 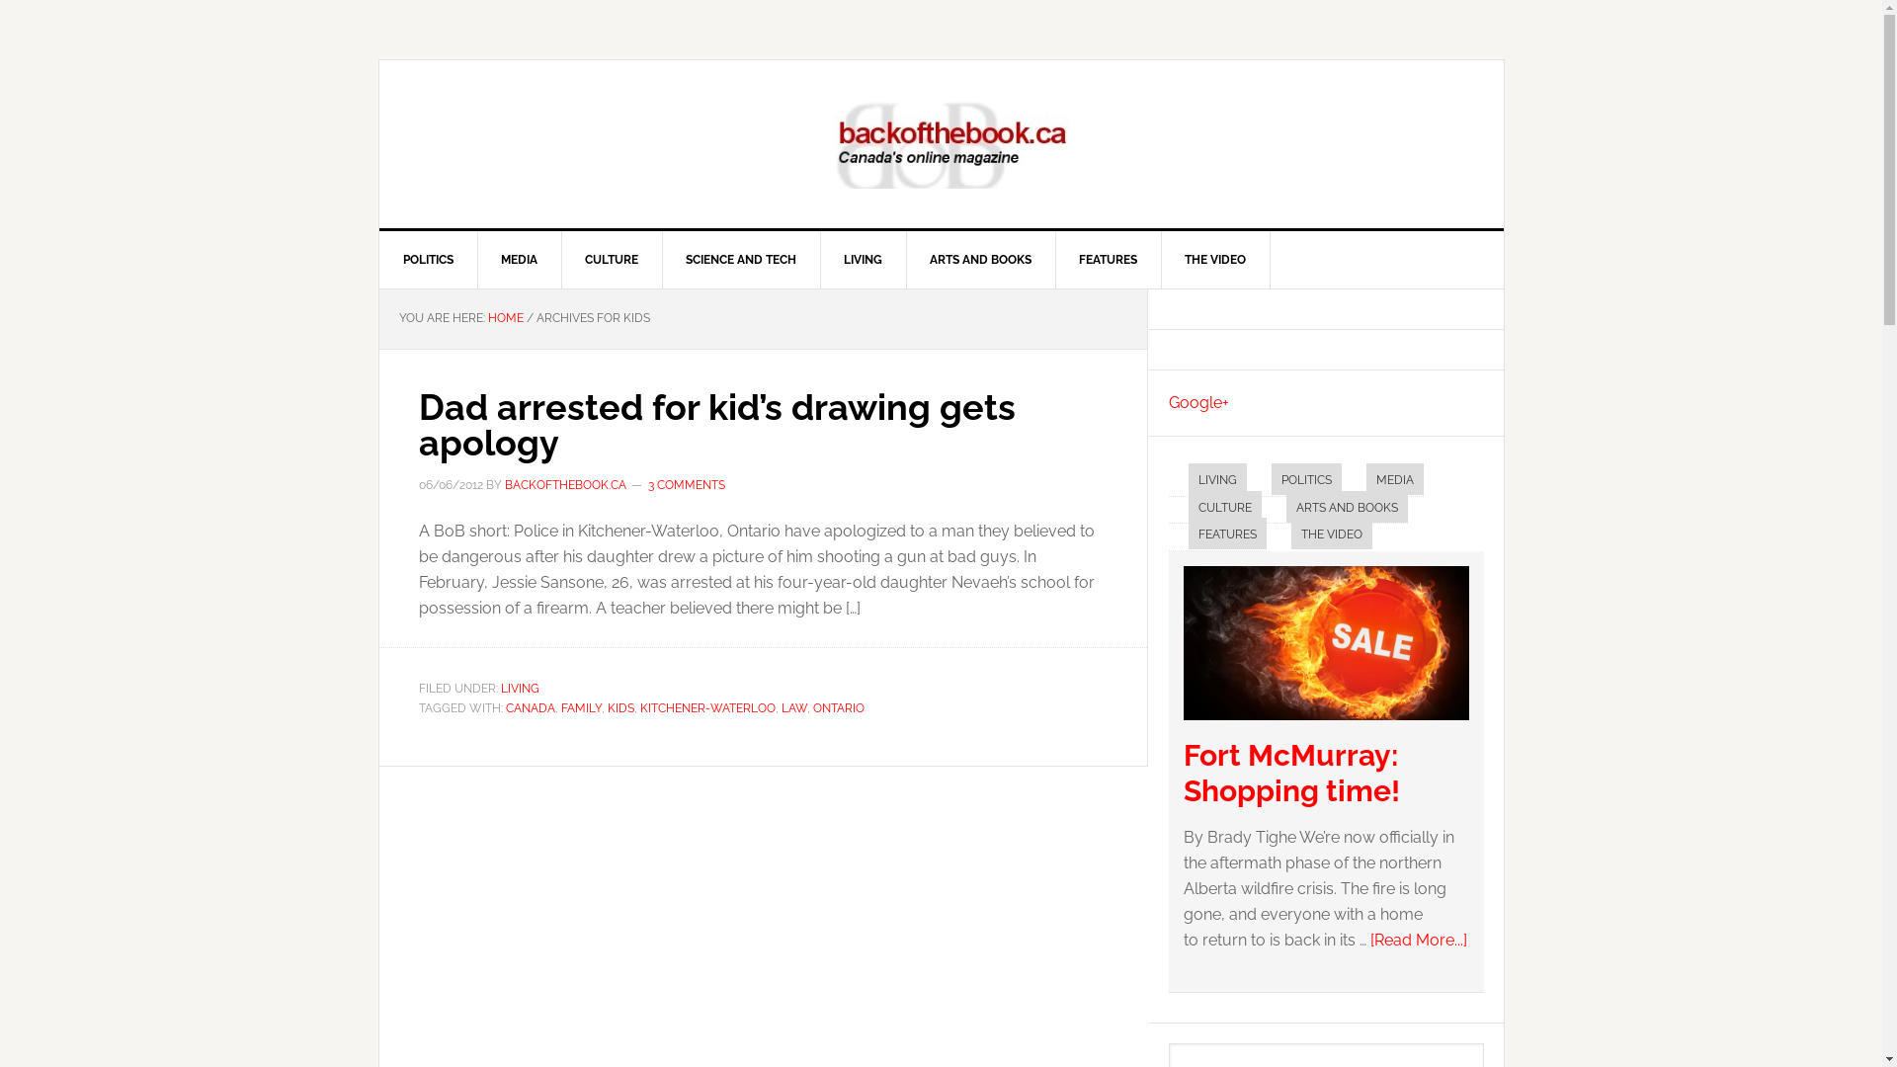 I want to click on 'SCIENCE AND TECH', so click(x=740, y=258).